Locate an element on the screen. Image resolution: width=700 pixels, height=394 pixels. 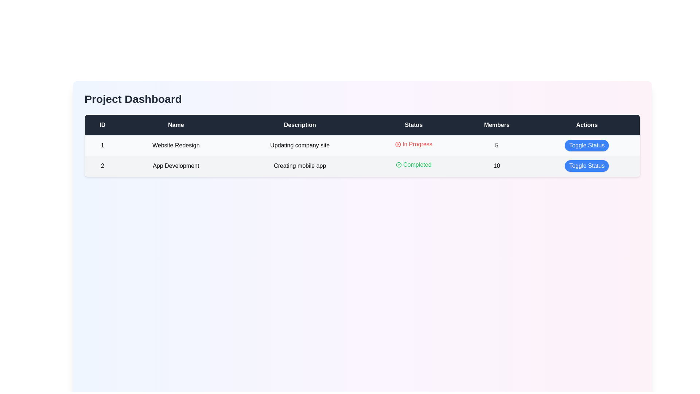
the text label displaying the number of members associated with the project record in the second row of the table under the 'Members' column is located at coordinates (496, 166).